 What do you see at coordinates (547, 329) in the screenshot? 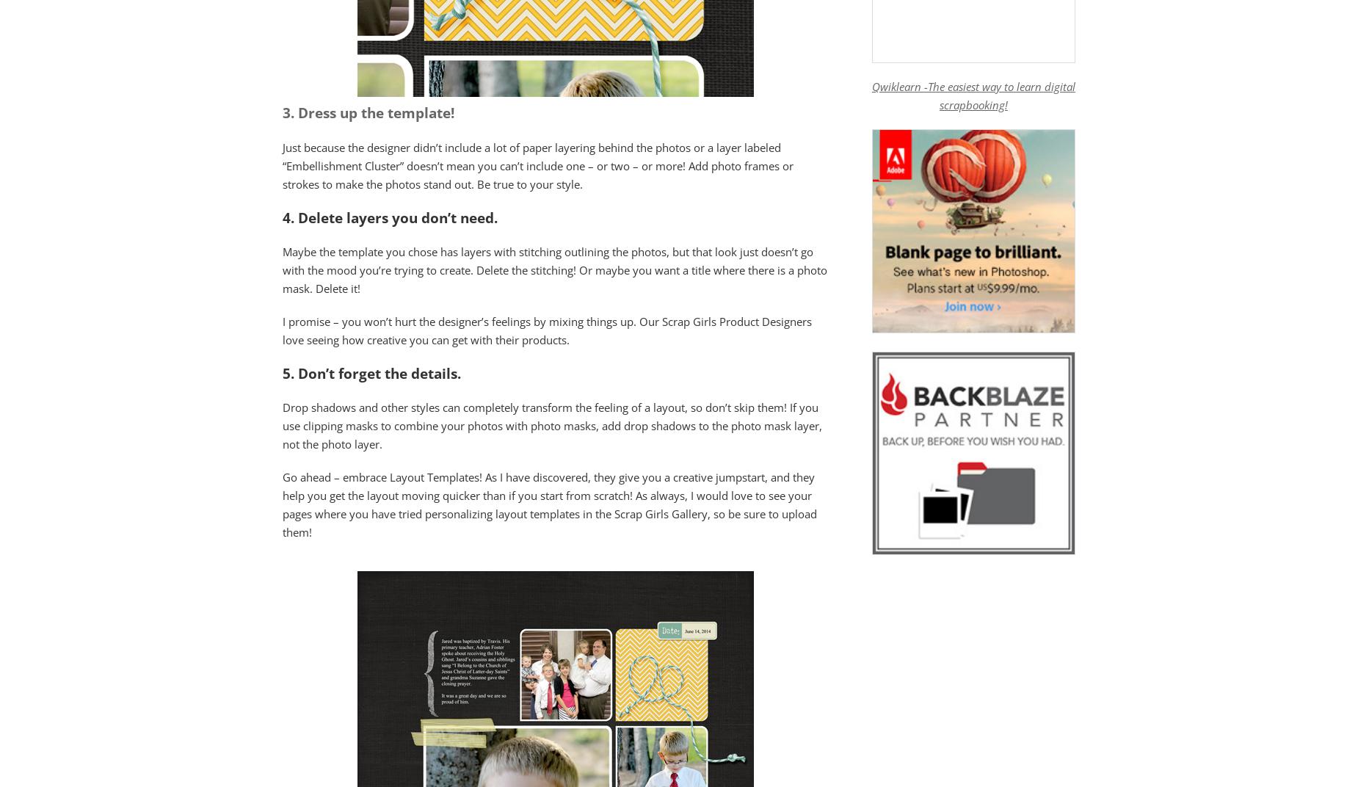
I see `'I promise – you won’t hurt the designer’s feelings by mixing things up. Our Scrap Girls Product Designers love seeing how creative you can get with their products.'` at bounding box center [547, 329].